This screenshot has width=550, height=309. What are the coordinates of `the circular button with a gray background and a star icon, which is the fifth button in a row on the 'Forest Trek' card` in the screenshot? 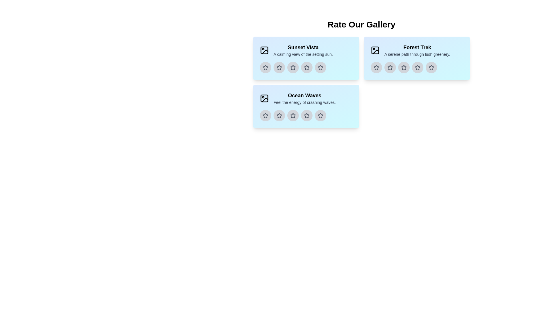 It's located at (431, 67).